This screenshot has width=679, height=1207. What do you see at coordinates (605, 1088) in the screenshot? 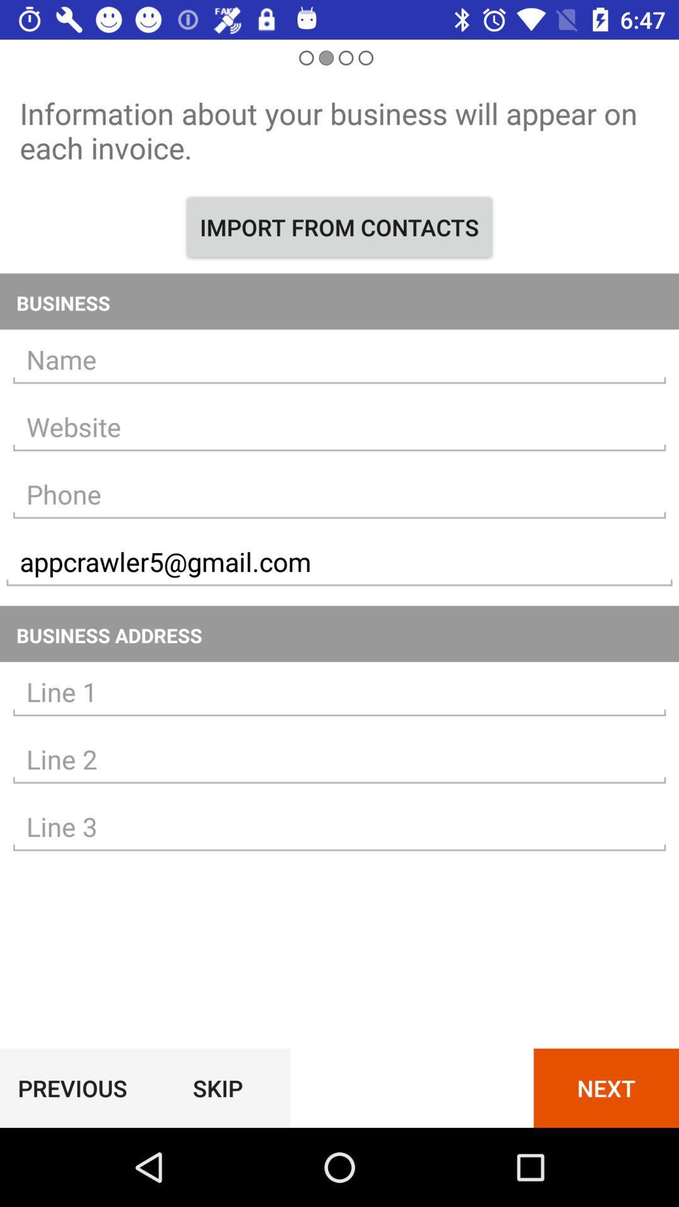
I see `the next` at bounding box center [605, 1088].